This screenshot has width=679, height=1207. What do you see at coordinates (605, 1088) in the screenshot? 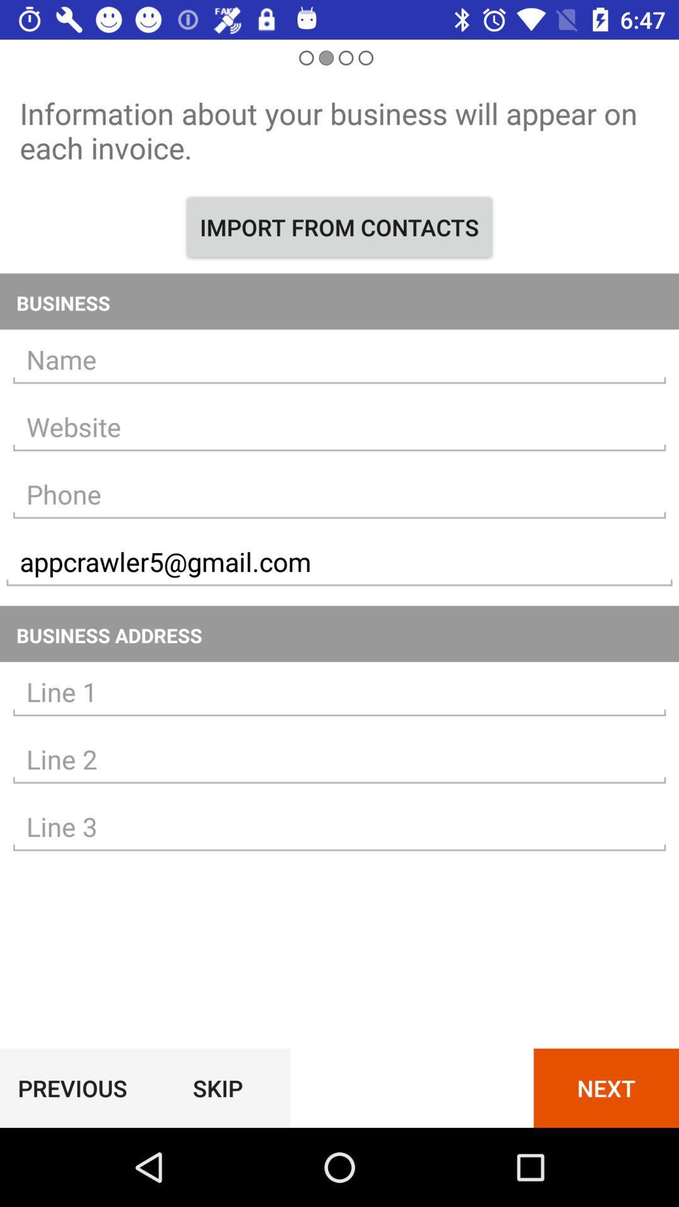
I see `the next` at bounding box center [605, 1088].